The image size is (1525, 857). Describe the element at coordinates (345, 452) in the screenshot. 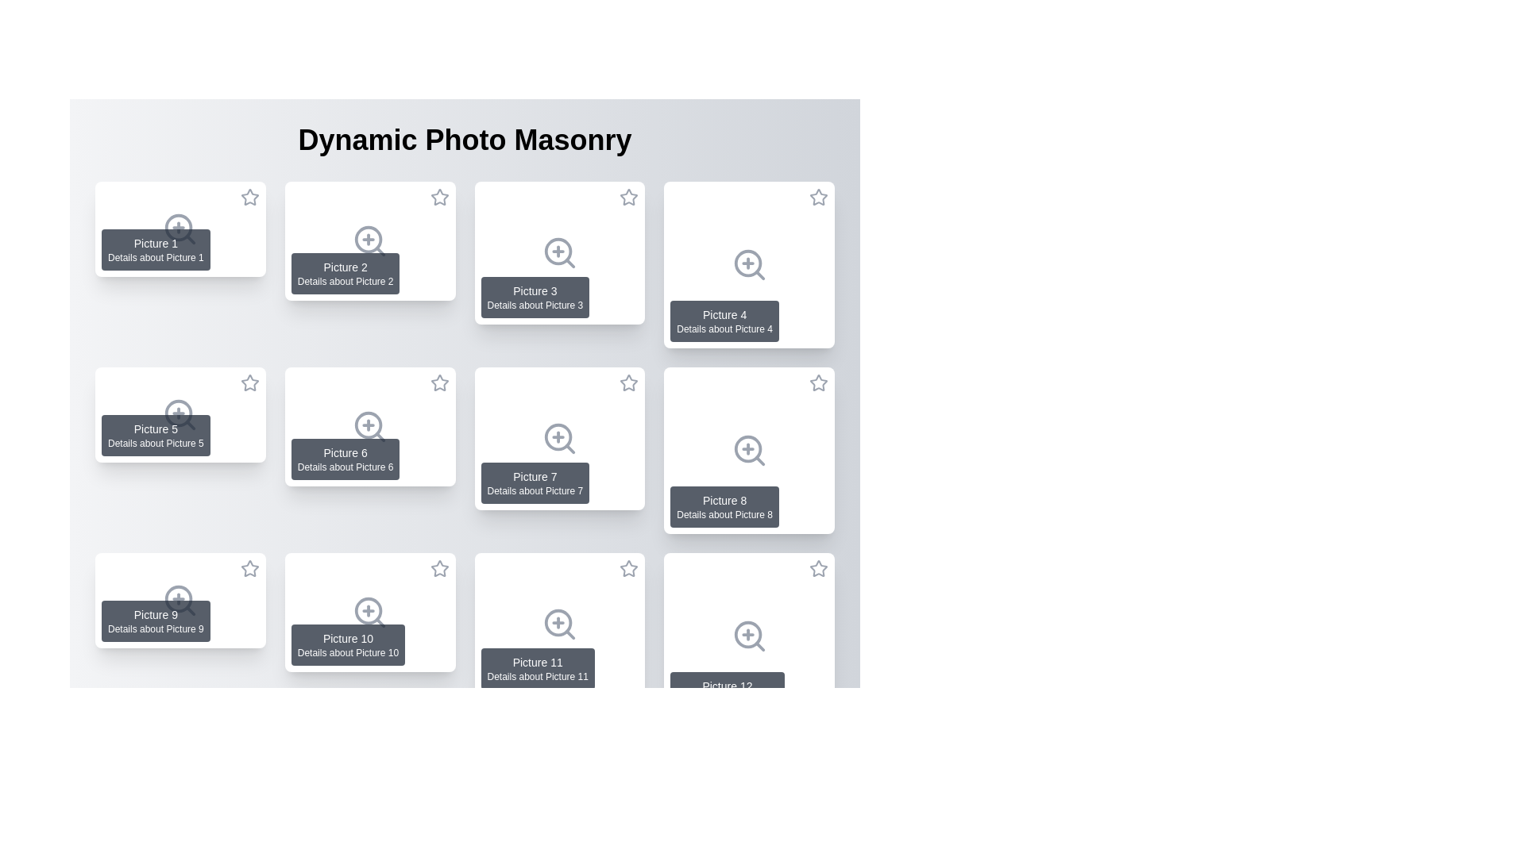

I see `text label that identifies the image as 'Picture 6', located in the third row and second column of the grid` at that location.